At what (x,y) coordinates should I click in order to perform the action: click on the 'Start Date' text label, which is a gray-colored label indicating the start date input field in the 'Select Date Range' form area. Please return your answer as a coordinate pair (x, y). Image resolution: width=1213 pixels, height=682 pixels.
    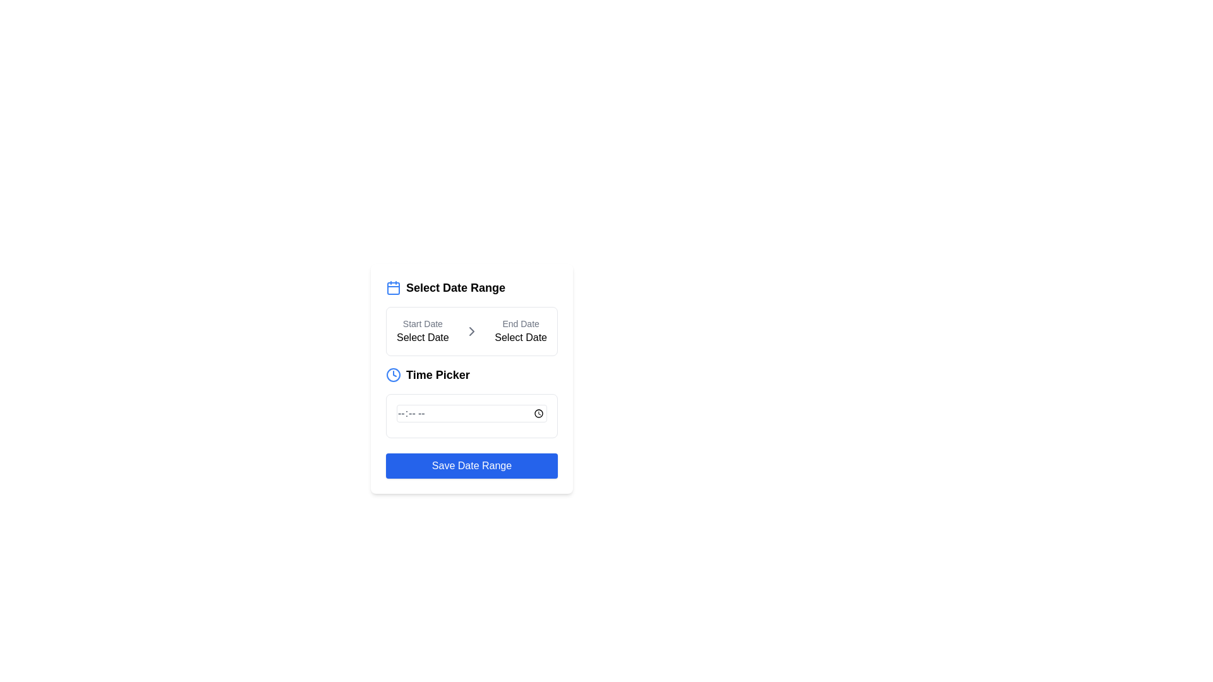
    Looking at the image, I should click on (423, 323).